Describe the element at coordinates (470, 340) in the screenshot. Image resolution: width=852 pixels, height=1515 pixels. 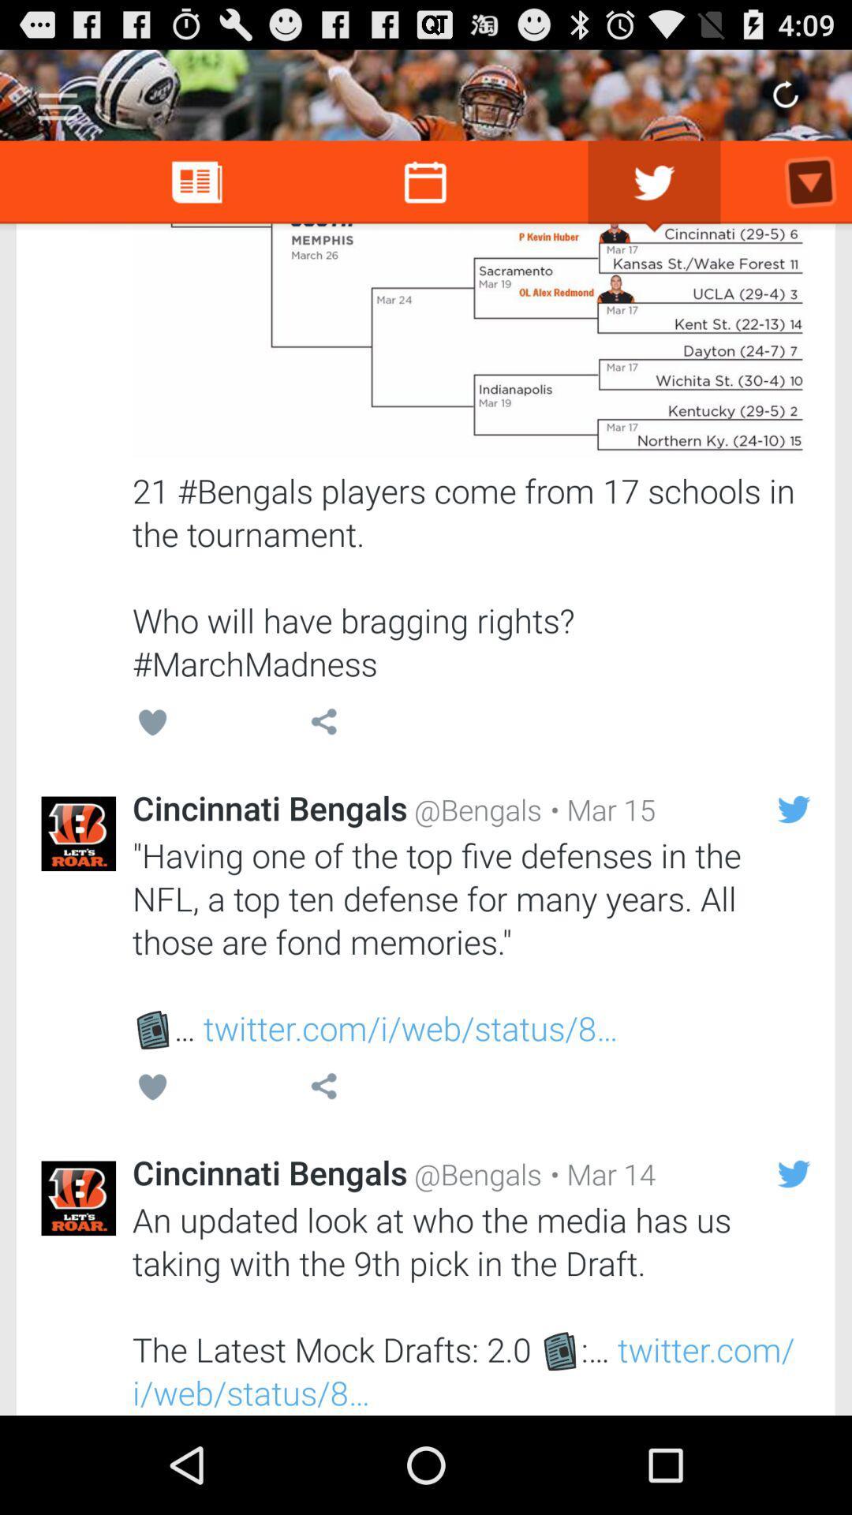
I see `open graphic` at that location.